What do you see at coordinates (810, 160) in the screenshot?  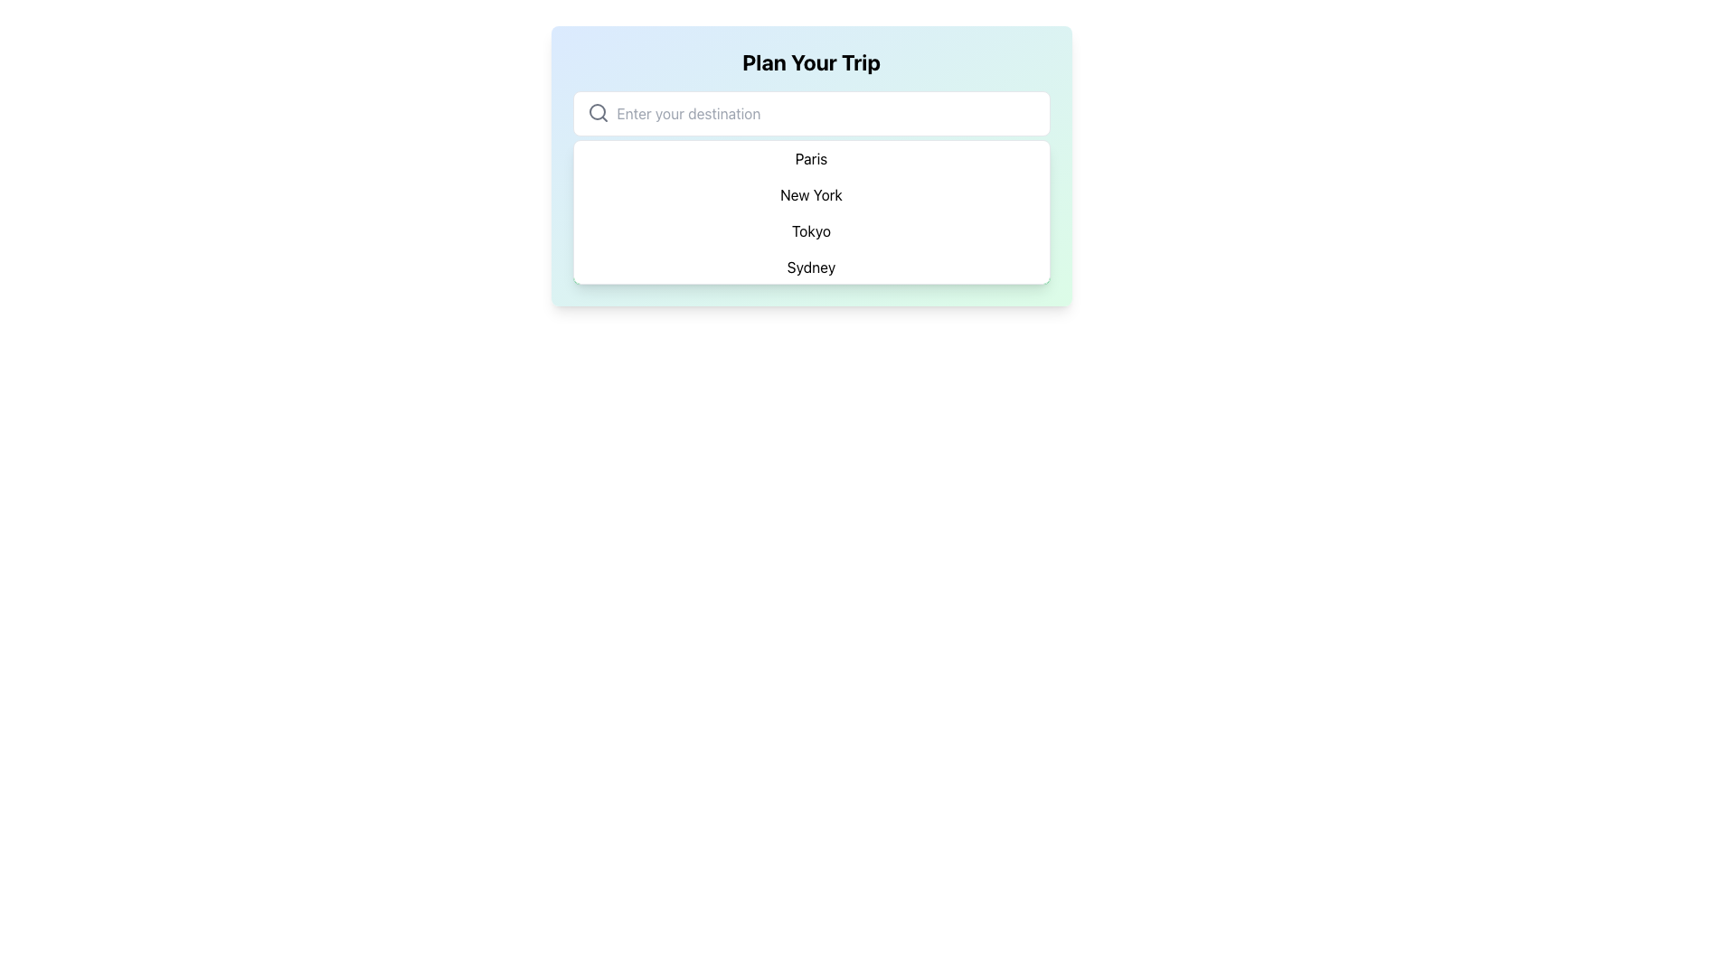 I see `the first selectable option in the list below the search input field` at bounding box center [810, 160].